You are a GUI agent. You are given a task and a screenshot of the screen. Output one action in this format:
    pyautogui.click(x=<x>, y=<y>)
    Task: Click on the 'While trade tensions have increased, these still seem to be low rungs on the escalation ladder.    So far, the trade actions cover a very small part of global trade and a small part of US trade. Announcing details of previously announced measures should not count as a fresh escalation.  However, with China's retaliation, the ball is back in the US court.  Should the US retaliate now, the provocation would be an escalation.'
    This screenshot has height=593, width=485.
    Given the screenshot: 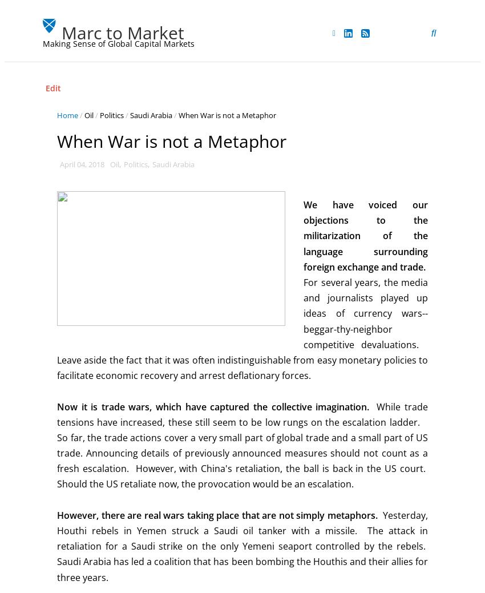 What is the action you would take?
    pyautogui.click(x=242, y=444)
    